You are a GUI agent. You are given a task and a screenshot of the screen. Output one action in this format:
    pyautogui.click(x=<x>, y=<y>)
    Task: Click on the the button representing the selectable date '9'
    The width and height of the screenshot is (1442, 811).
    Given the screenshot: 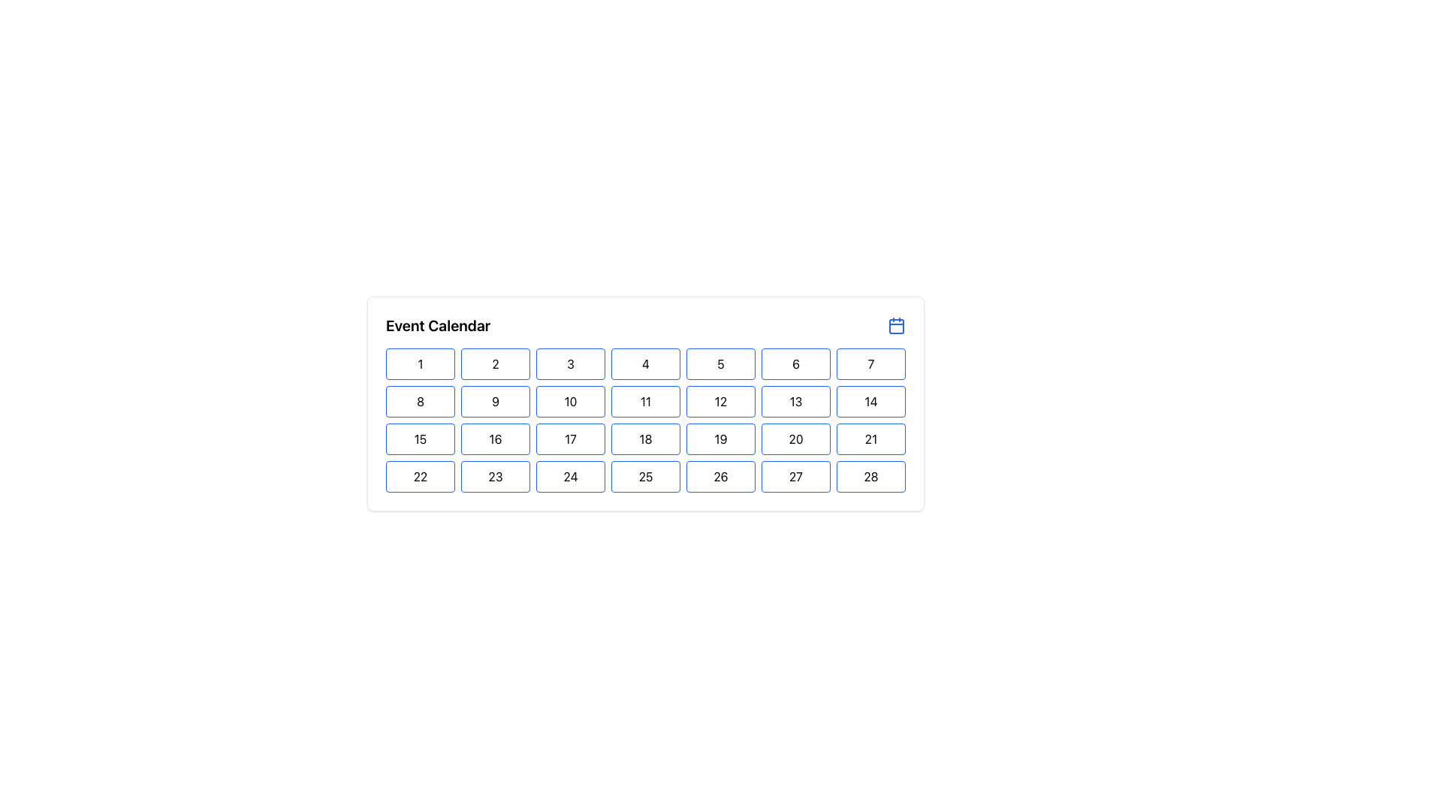 What is the action you would take?
    pyautogui.click(x=496, y=401)
    